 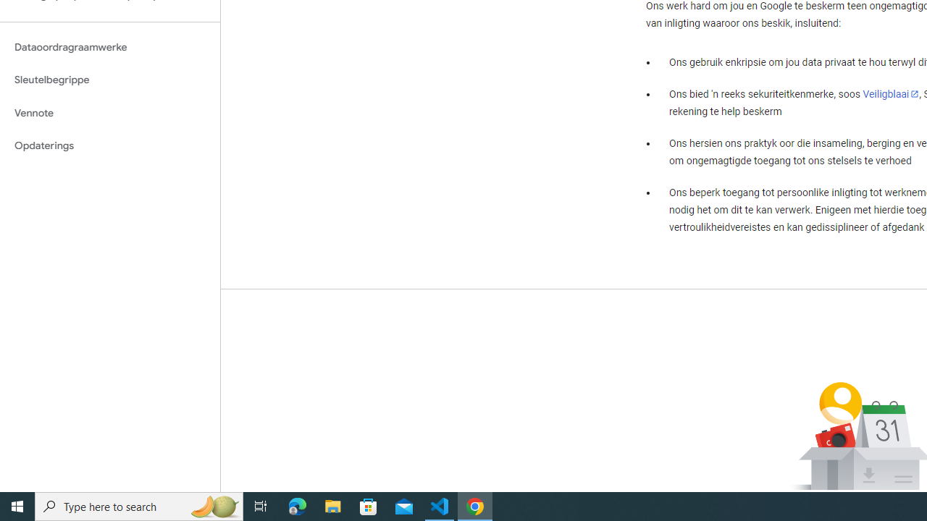 I want to click on 'Dataoordragraamwerke', so click(x=109, y=46).